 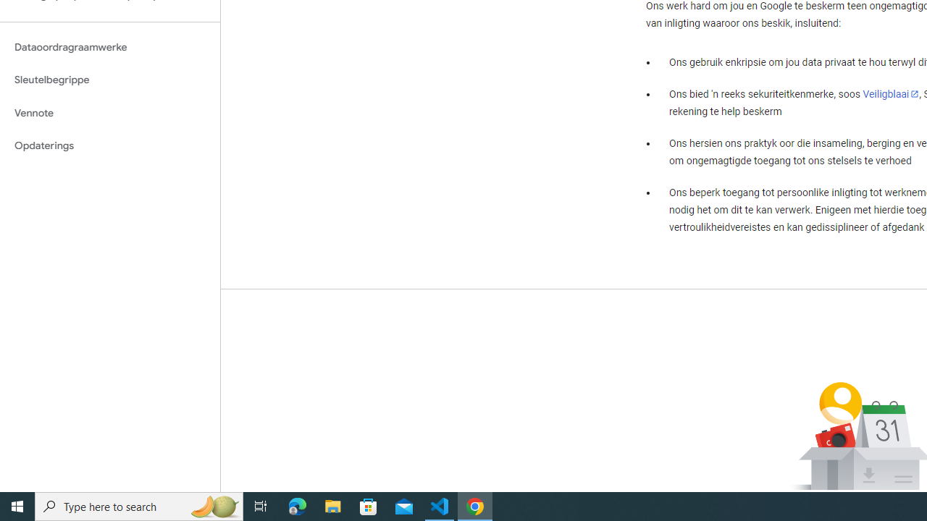 I want to click on 'Dataoordragraamwerke', so click(x=109, y=46).